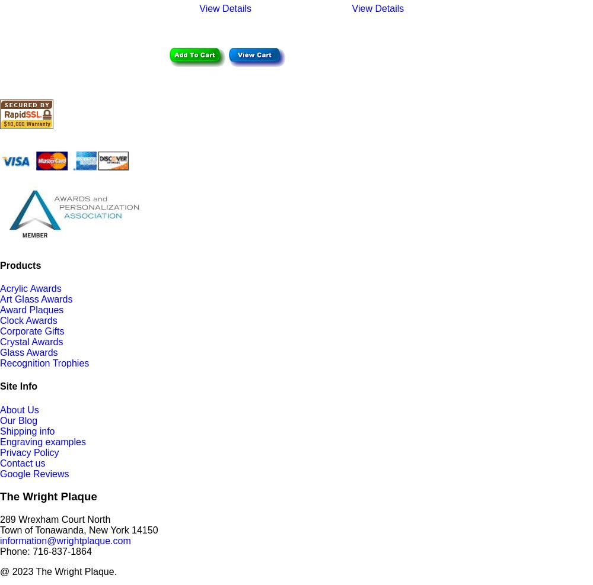 Image resolution: width=593 pixels, height=585 pixels. What do you see at coordinates (0, 309) in the screenshot?
I see `'Award Plaques'` at bounding box center [0, 309].